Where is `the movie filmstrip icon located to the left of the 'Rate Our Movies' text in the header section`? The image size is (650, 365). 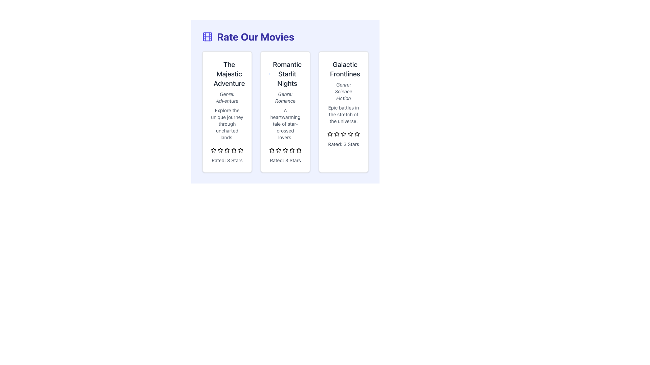 the movie filmstrip icon located to the left of the 'Rate Our Movies' text in the header section is located at coordinates (207, 36).